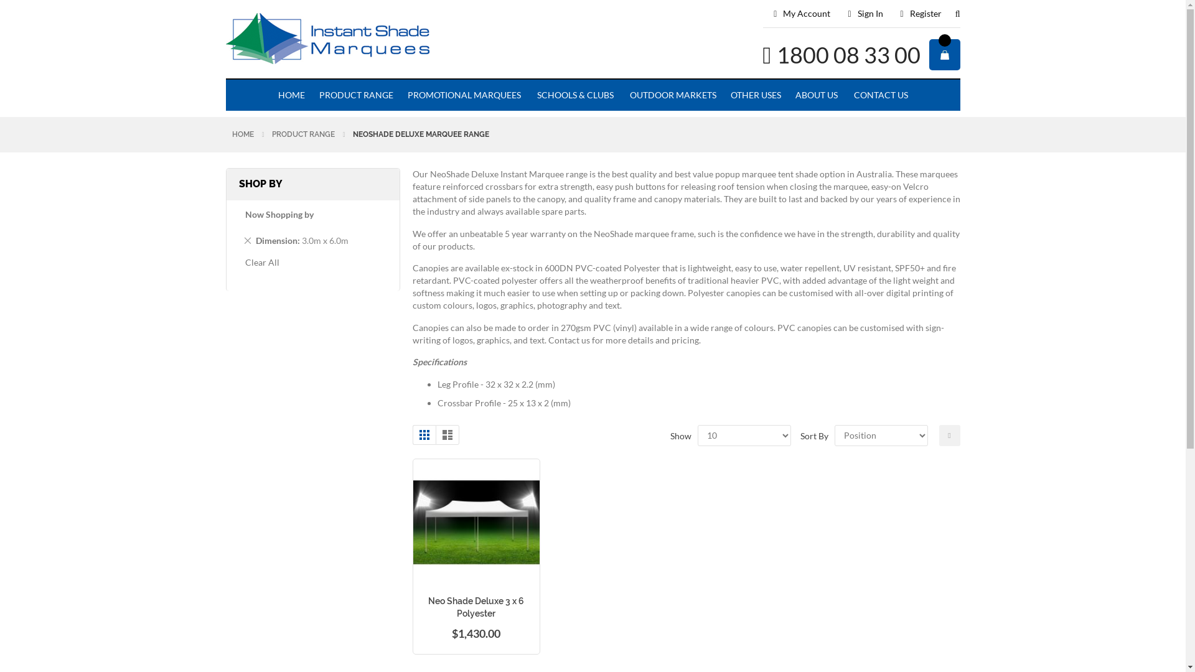 The image size is (1195, 672). Describe the element at coordinates (303, 134) in the screenshot. I see `'PRODUCT RANGE'` at that location.